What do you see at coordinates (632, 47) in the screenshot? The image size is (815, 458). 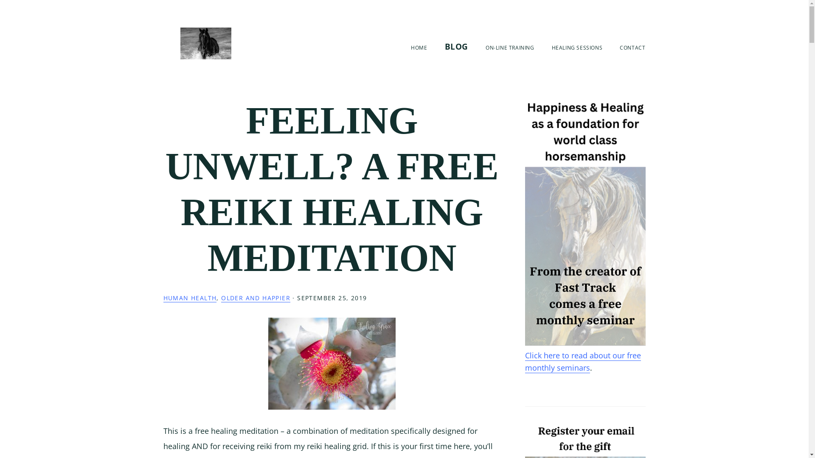 I see `'CONTACT'` at bounding box center [632, 47].